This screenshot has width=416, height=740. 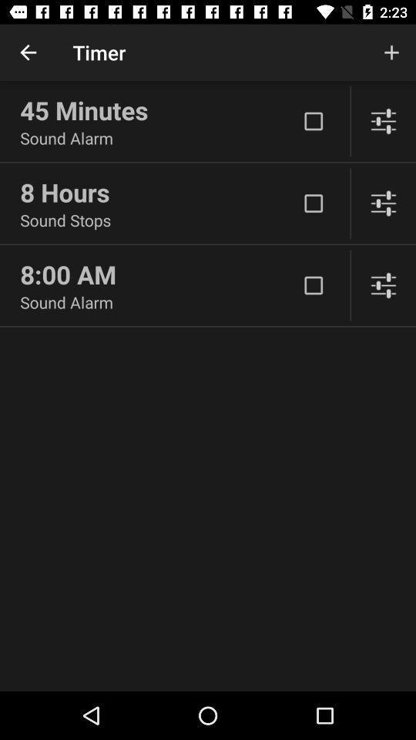 What do you see at coordinates (28, 52) in the screenshot?
I see `icon to the left of the timer item` at bounding box center [28, 52].